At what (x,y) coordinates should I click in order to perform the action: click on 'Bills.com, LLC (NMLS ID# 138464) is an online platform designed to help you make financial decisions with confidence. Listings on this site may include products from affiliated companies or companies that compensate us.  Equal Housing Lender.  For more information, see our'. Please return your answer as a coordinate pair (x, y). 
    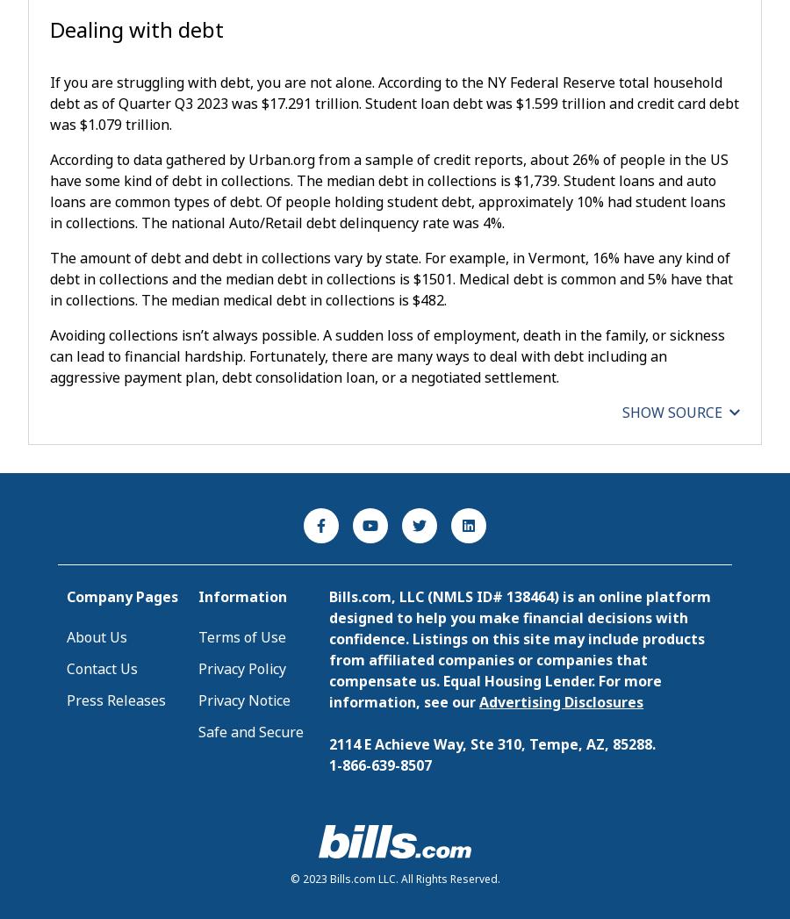
    Looking at the image, I should click on (329, 650).